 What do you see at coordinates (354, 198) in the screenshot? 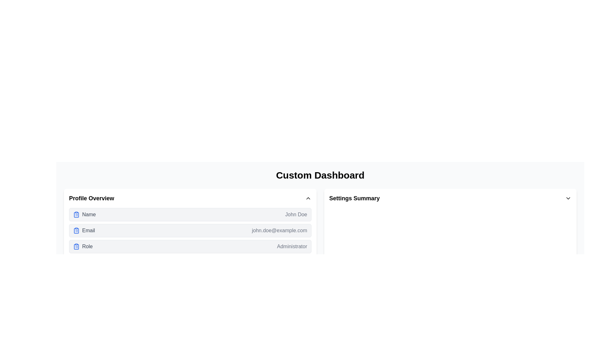
I see `text of the title or heading located in the upper-central part of the interface, aligned to the right section of the main layout, preceding an icon with a downward-pointing chevron` at bounding box center [354, 198].